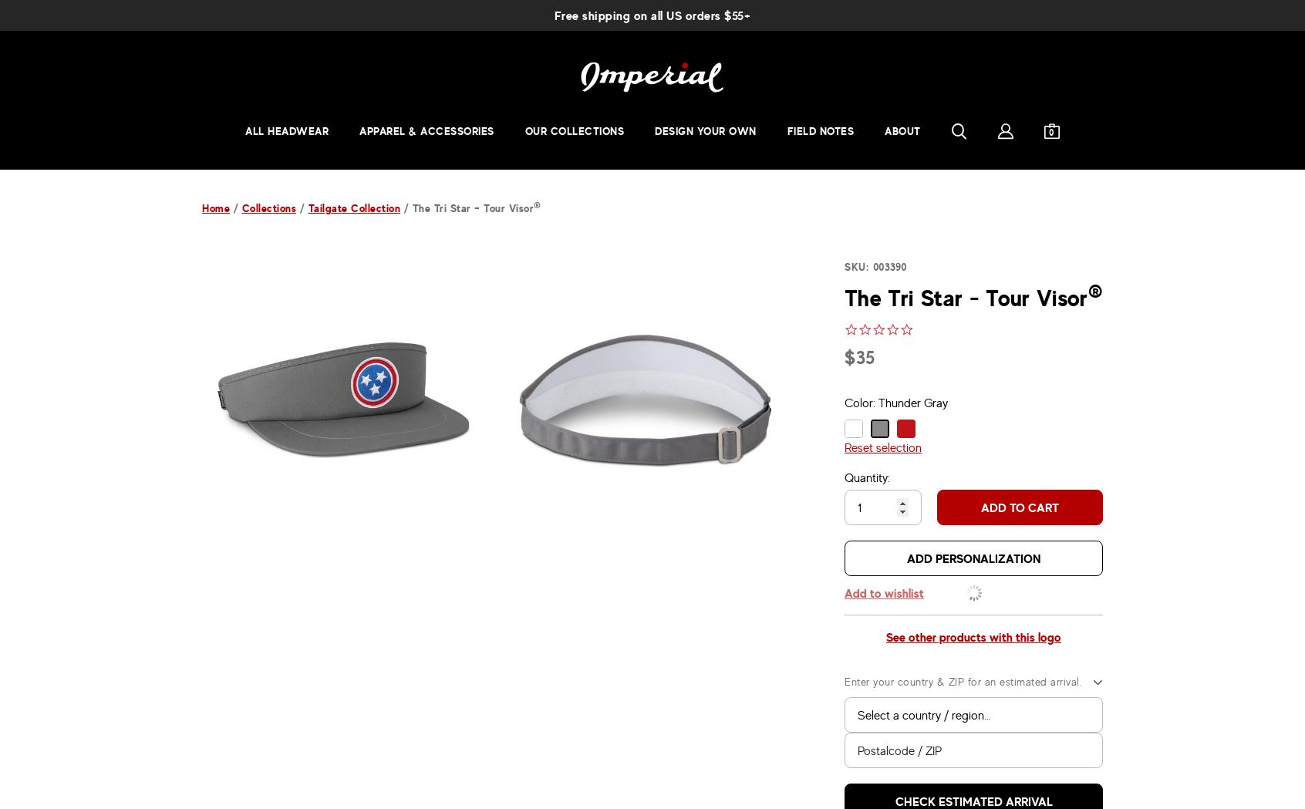 The image size is (1305, 809). What do you see at coordinates (973, 557) in the screenshot?
I see `'Add personalization'` at bounding box center [973, 557].